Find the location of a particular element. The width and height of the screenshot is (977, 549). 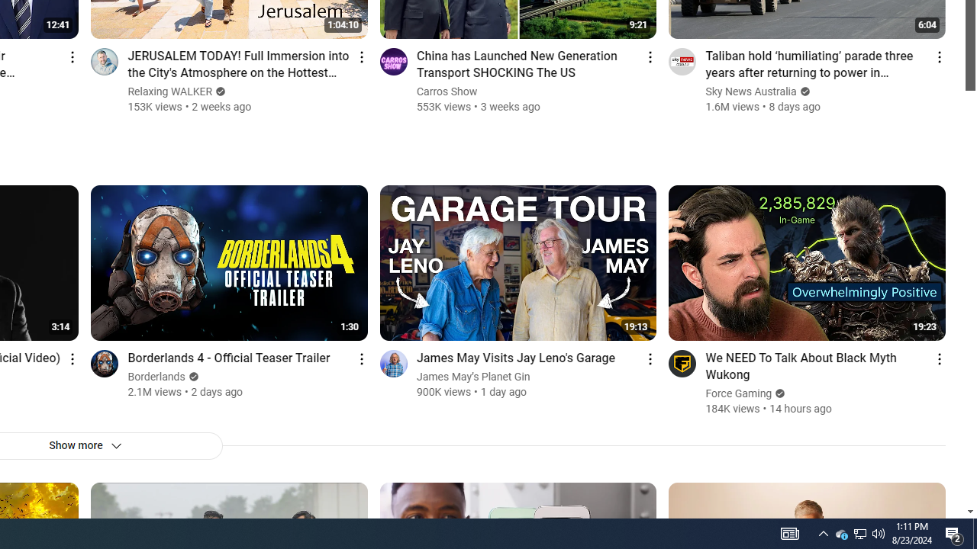

'Borderlands' is located at coordinates (156, 377).